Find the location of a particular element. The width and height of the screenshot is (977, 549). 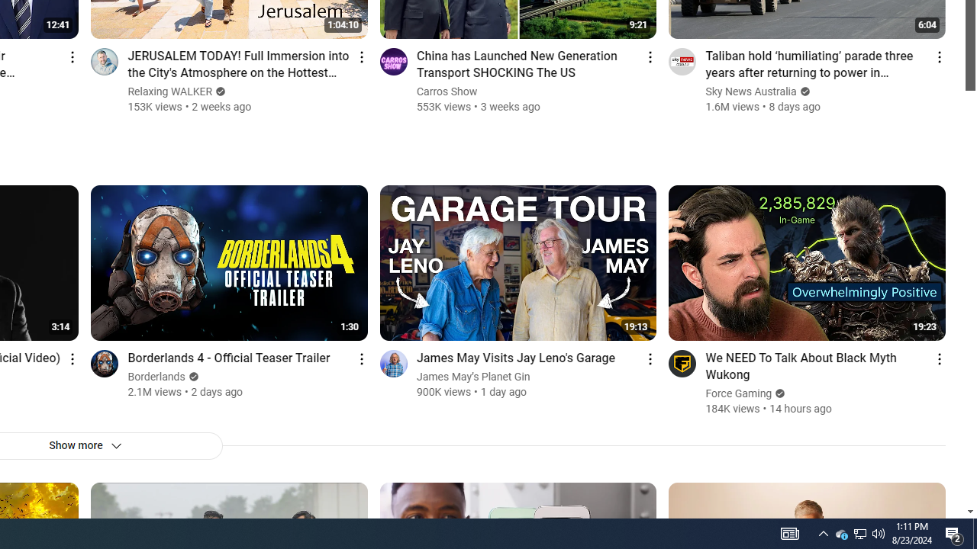

'Borderlands' is located at coordinates (156, 377).